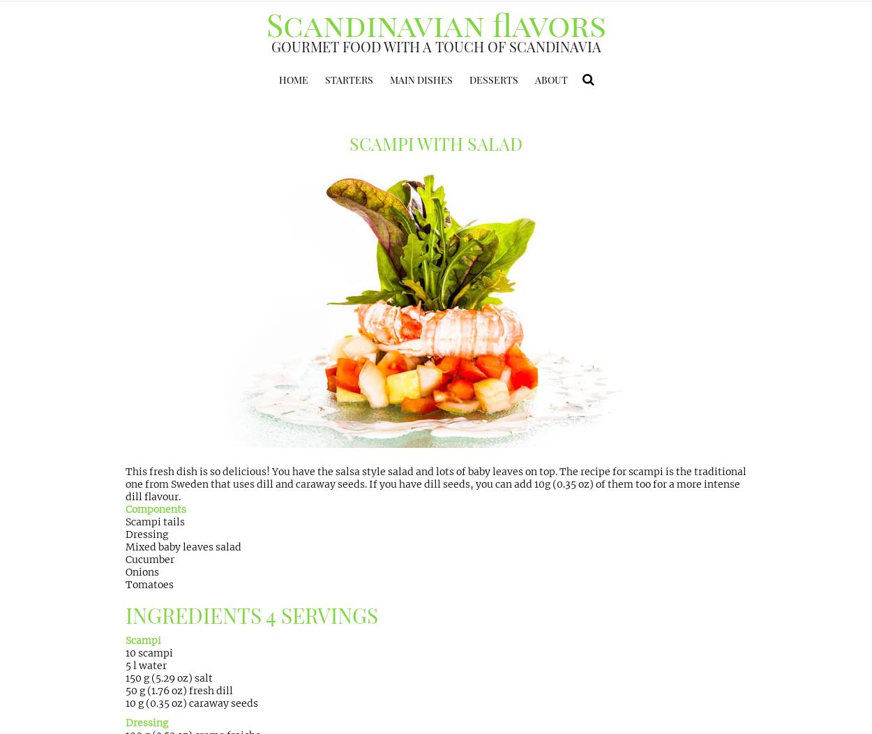 The image size is (872, 734). Describe the element at coordinates (126, 509) in the screenshot. I see `'Components'` at that location.